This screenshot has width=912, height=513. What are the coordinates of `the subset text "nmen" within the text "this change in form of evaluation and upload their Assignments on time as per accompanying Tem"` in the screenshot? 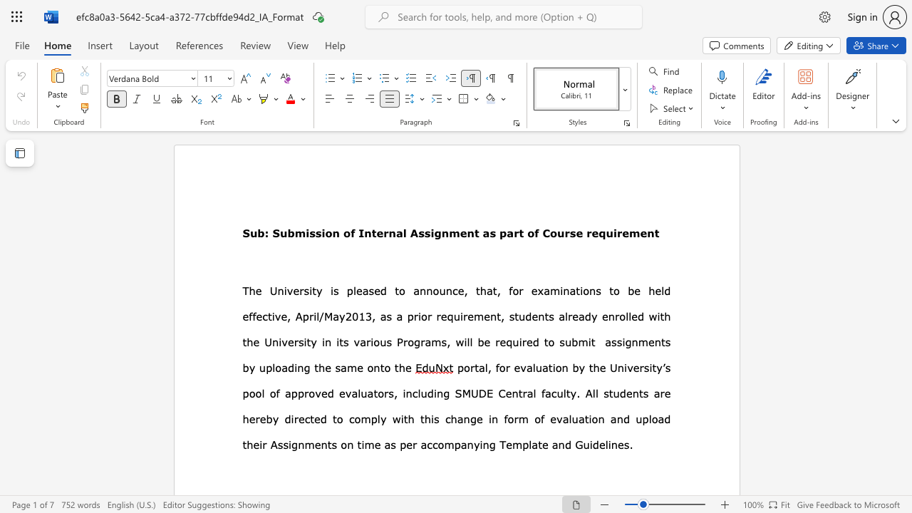 It's located at (297, 444).